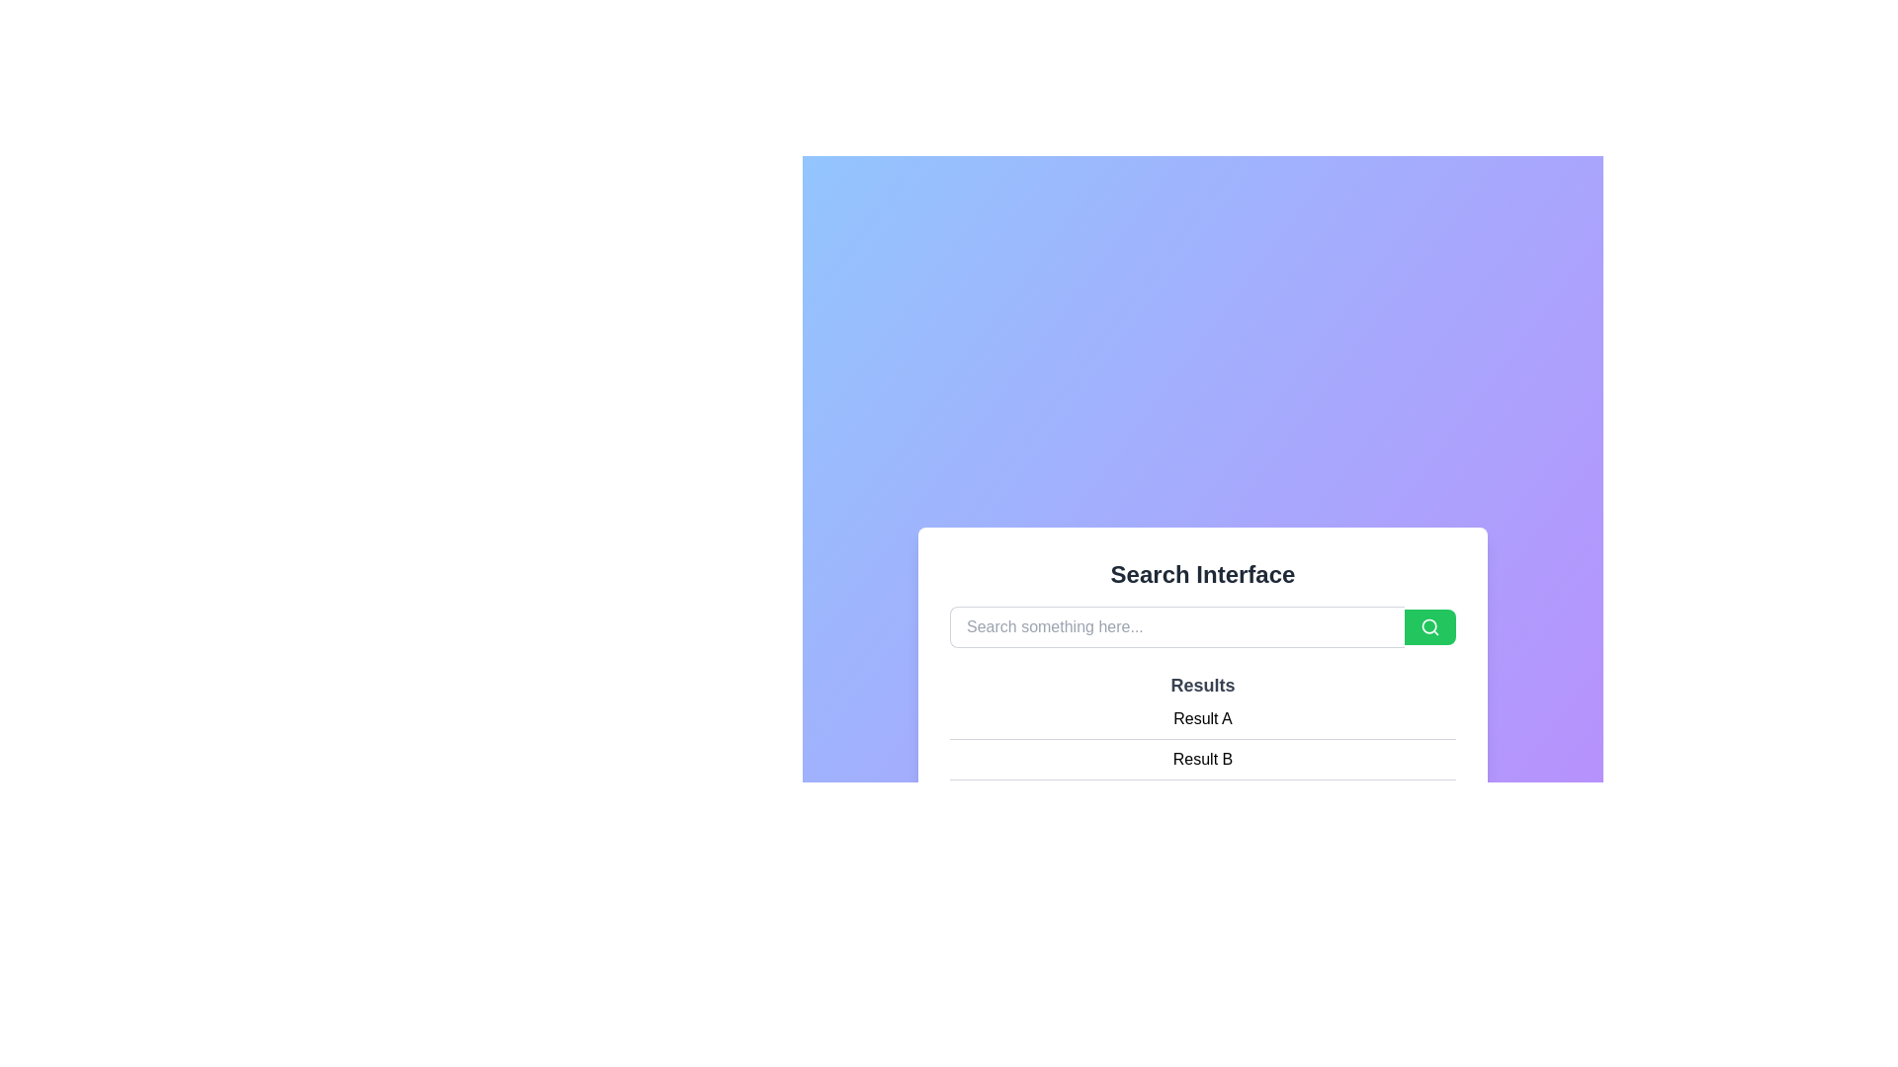 This screenshot has height=1067, width=1898. Describe the element at coordinates (1202, 685) in the screenshot. I see `the Text Label that denotes the results section, positioned above 'Result A', 'Result B', and 'Result C'` at that location.